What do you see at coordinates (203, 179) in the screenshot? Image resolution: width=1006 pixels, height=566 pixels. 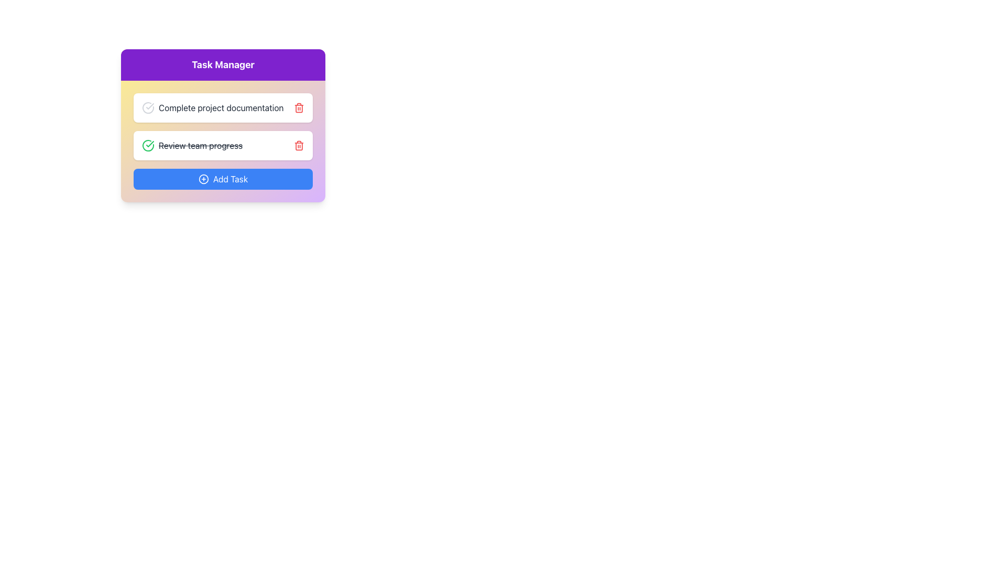 I see `the addition icon located to the left of the 'Add Task' button at the bottom section of the Task Manager card` at bounding box center [203, 179].